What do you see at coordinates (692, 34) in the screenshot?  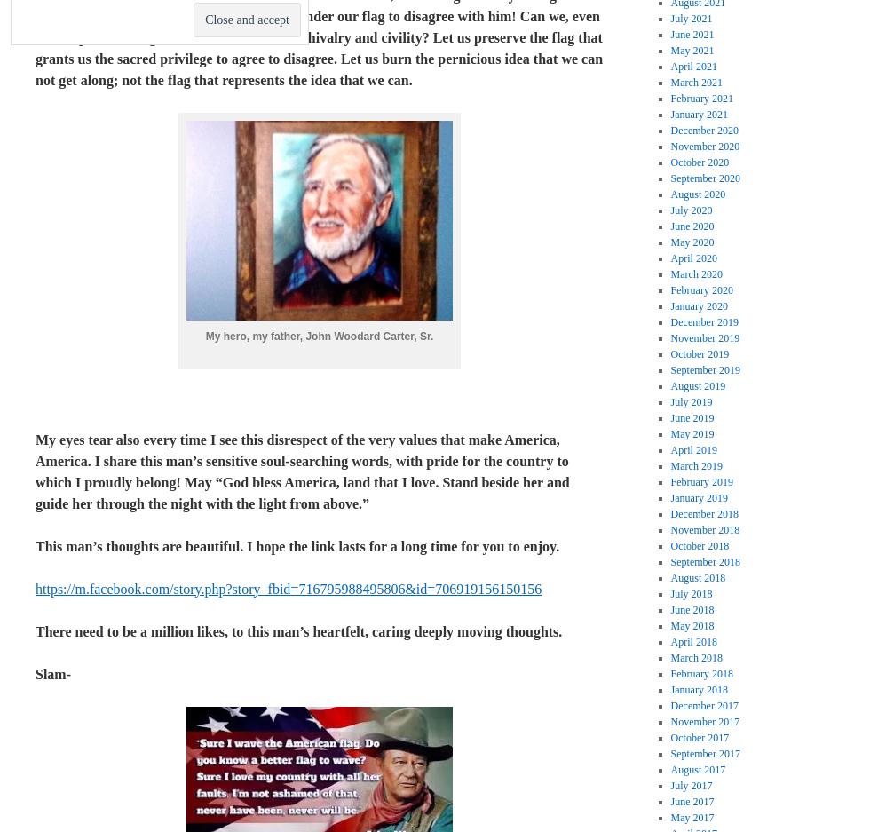 I see `'June 2021'` at bounding box center [692, 34].